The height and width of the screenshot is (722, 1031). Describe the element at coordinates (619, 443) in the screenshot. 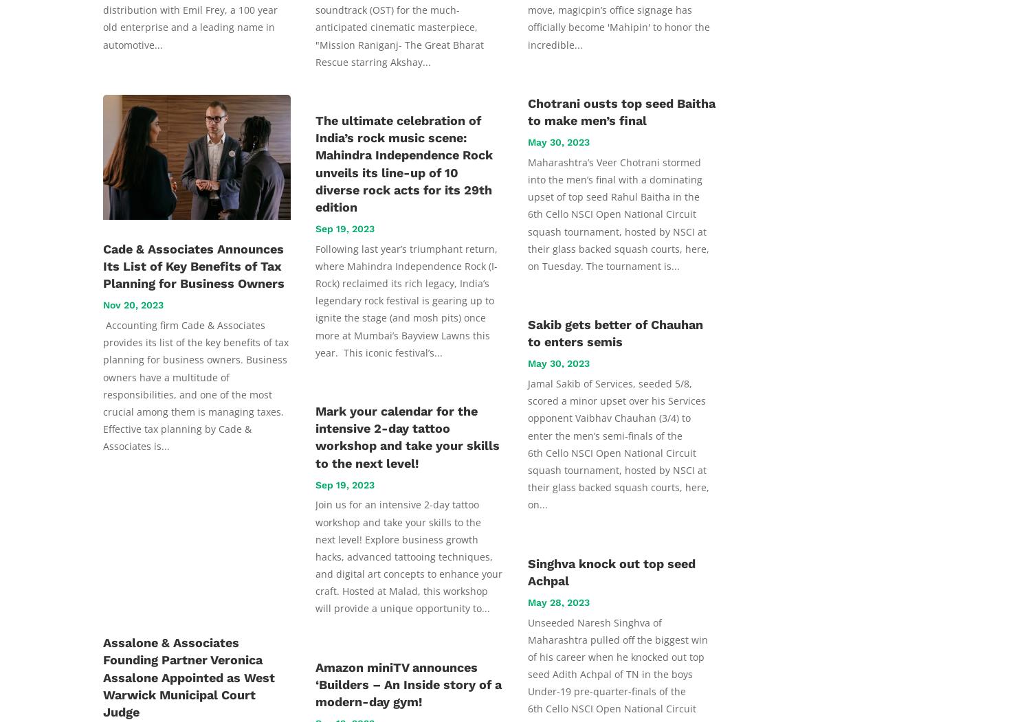

I see `'Jamal Sakib of Services, seeded 5/8, scored a minor upset over his Services opponent Vaibhav Chauhan (3/4) to enter the men’s semi-finals of the 6th Cello NSCI Open National Circuit squash tournament, hosted by NSCI at their glass backed squash courts, here, on...'` at that location.